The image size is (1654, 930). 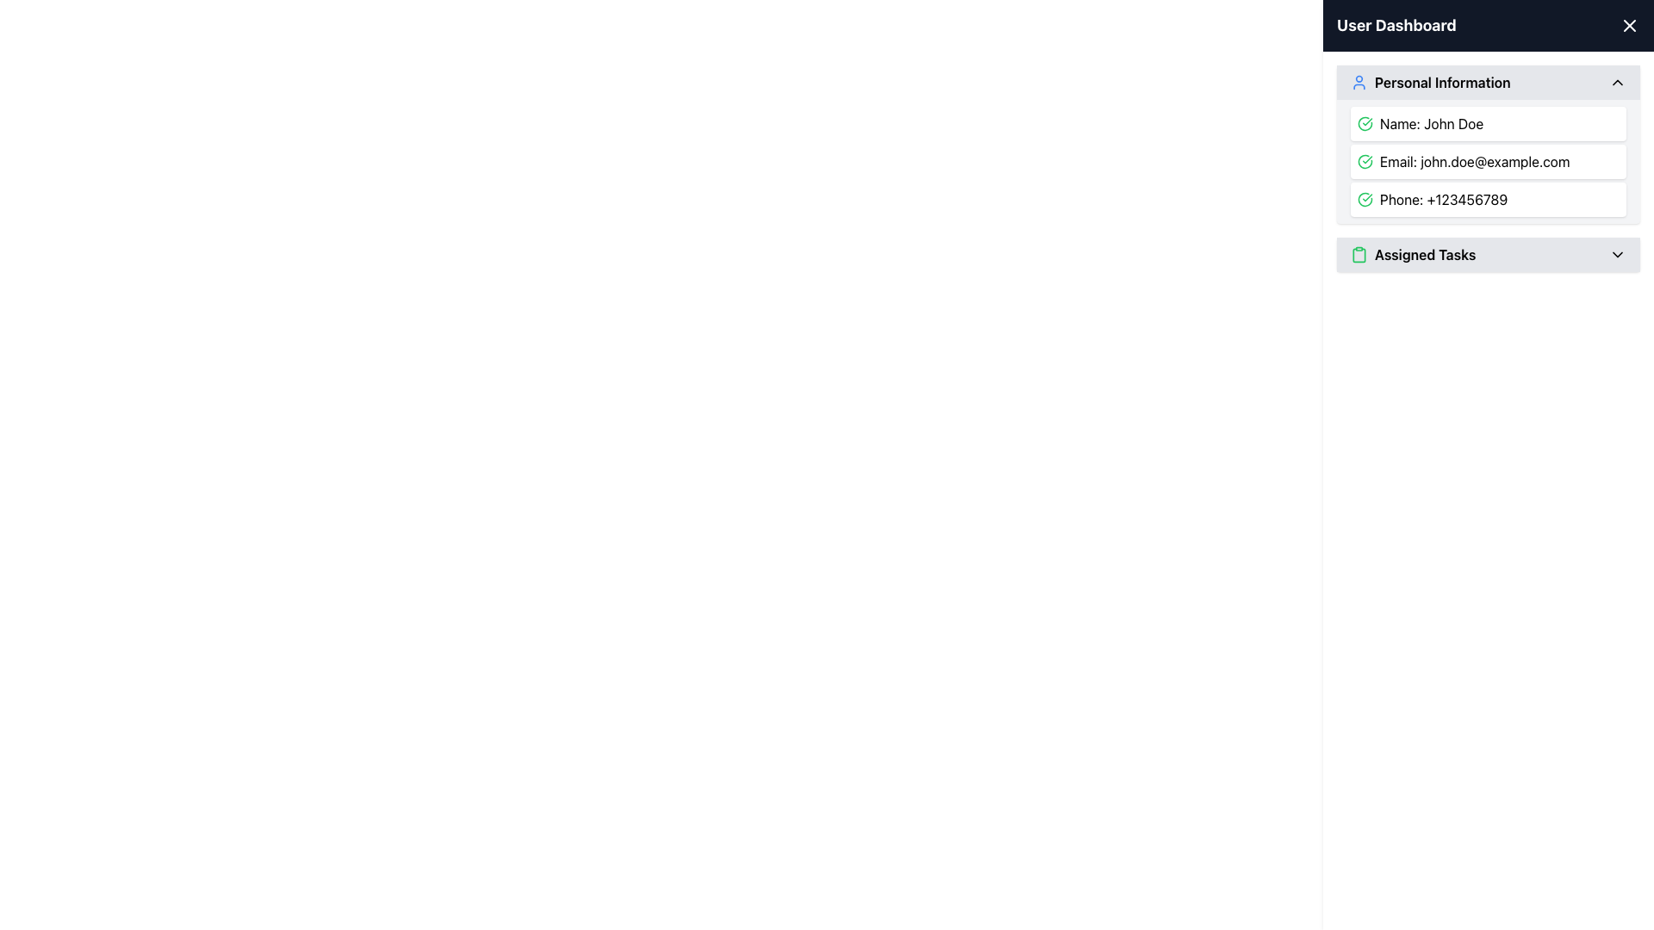 I want to click on the text display with a green checkmark icon that shows 'Phone: +123456789' in the 'Personal Information' section, so click(x=1488, y=198).